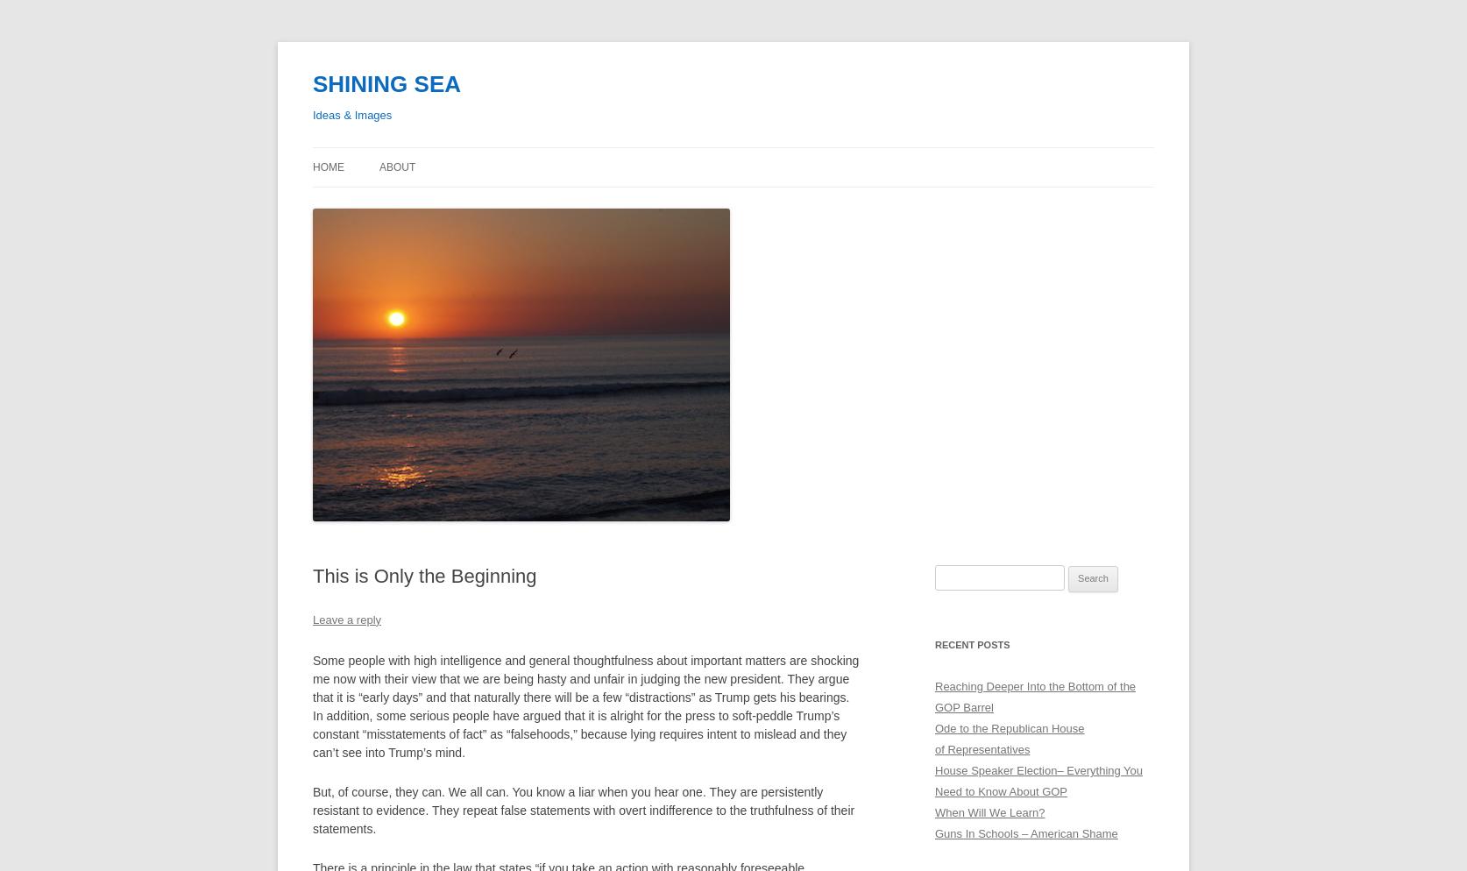 This screenshot has width=1467, height=871. What do you see at coordinates (328, 166) in the screenshot?
I see `'Home'` at bounding box center [328, 166].